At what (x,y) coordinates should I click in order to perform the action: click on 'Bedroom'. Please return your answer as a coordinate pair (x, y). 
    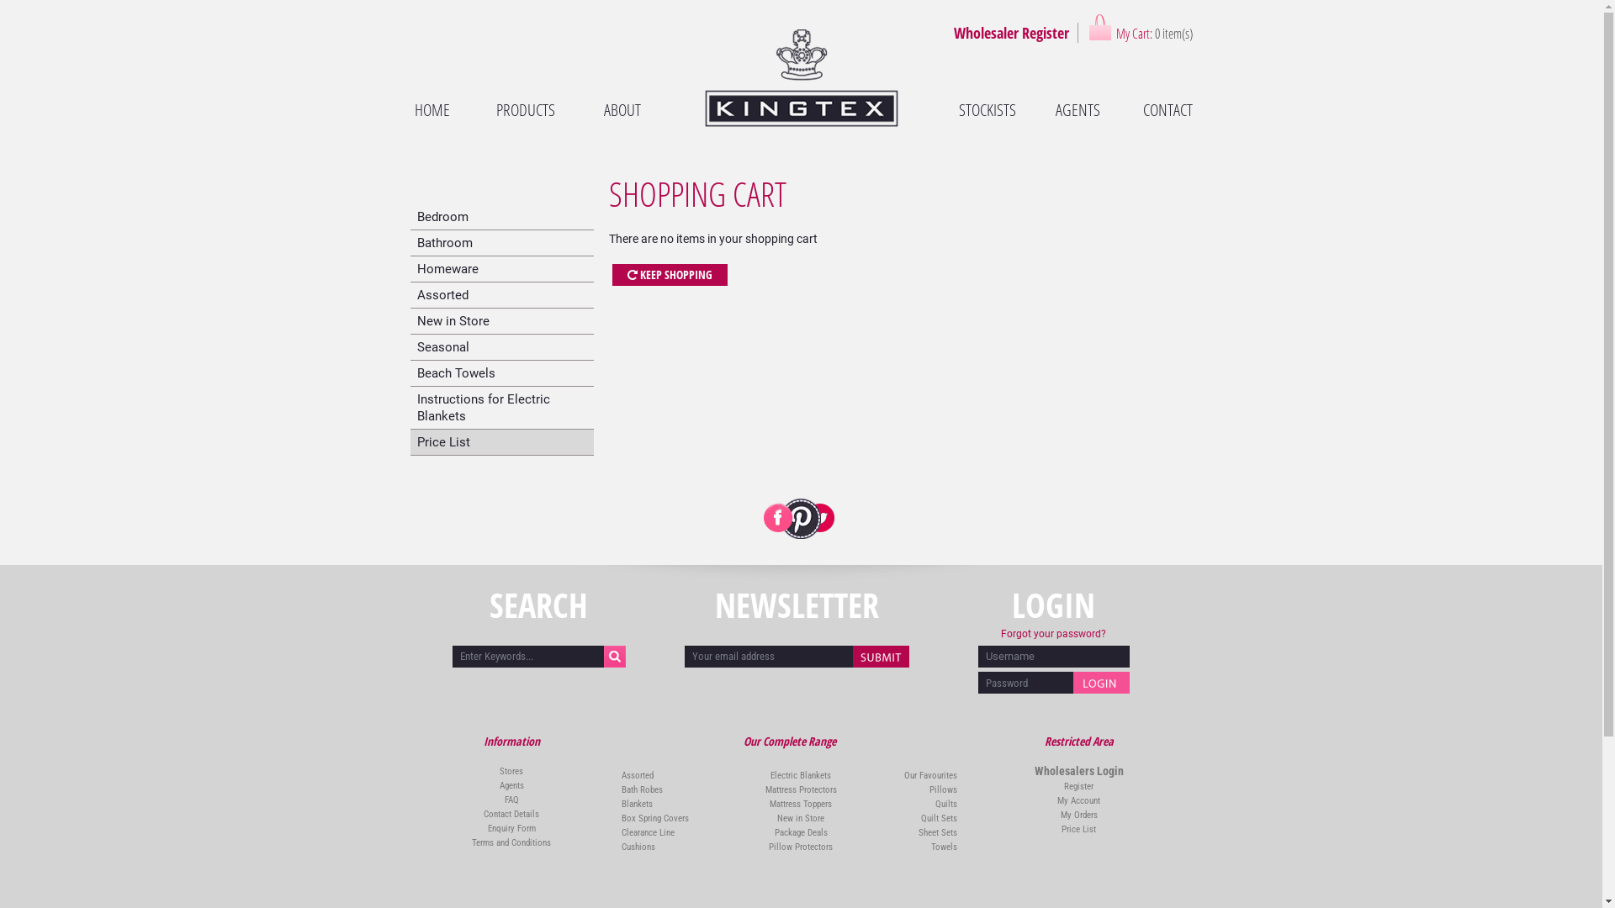
    Looking at the image, I should click on (410, 216).